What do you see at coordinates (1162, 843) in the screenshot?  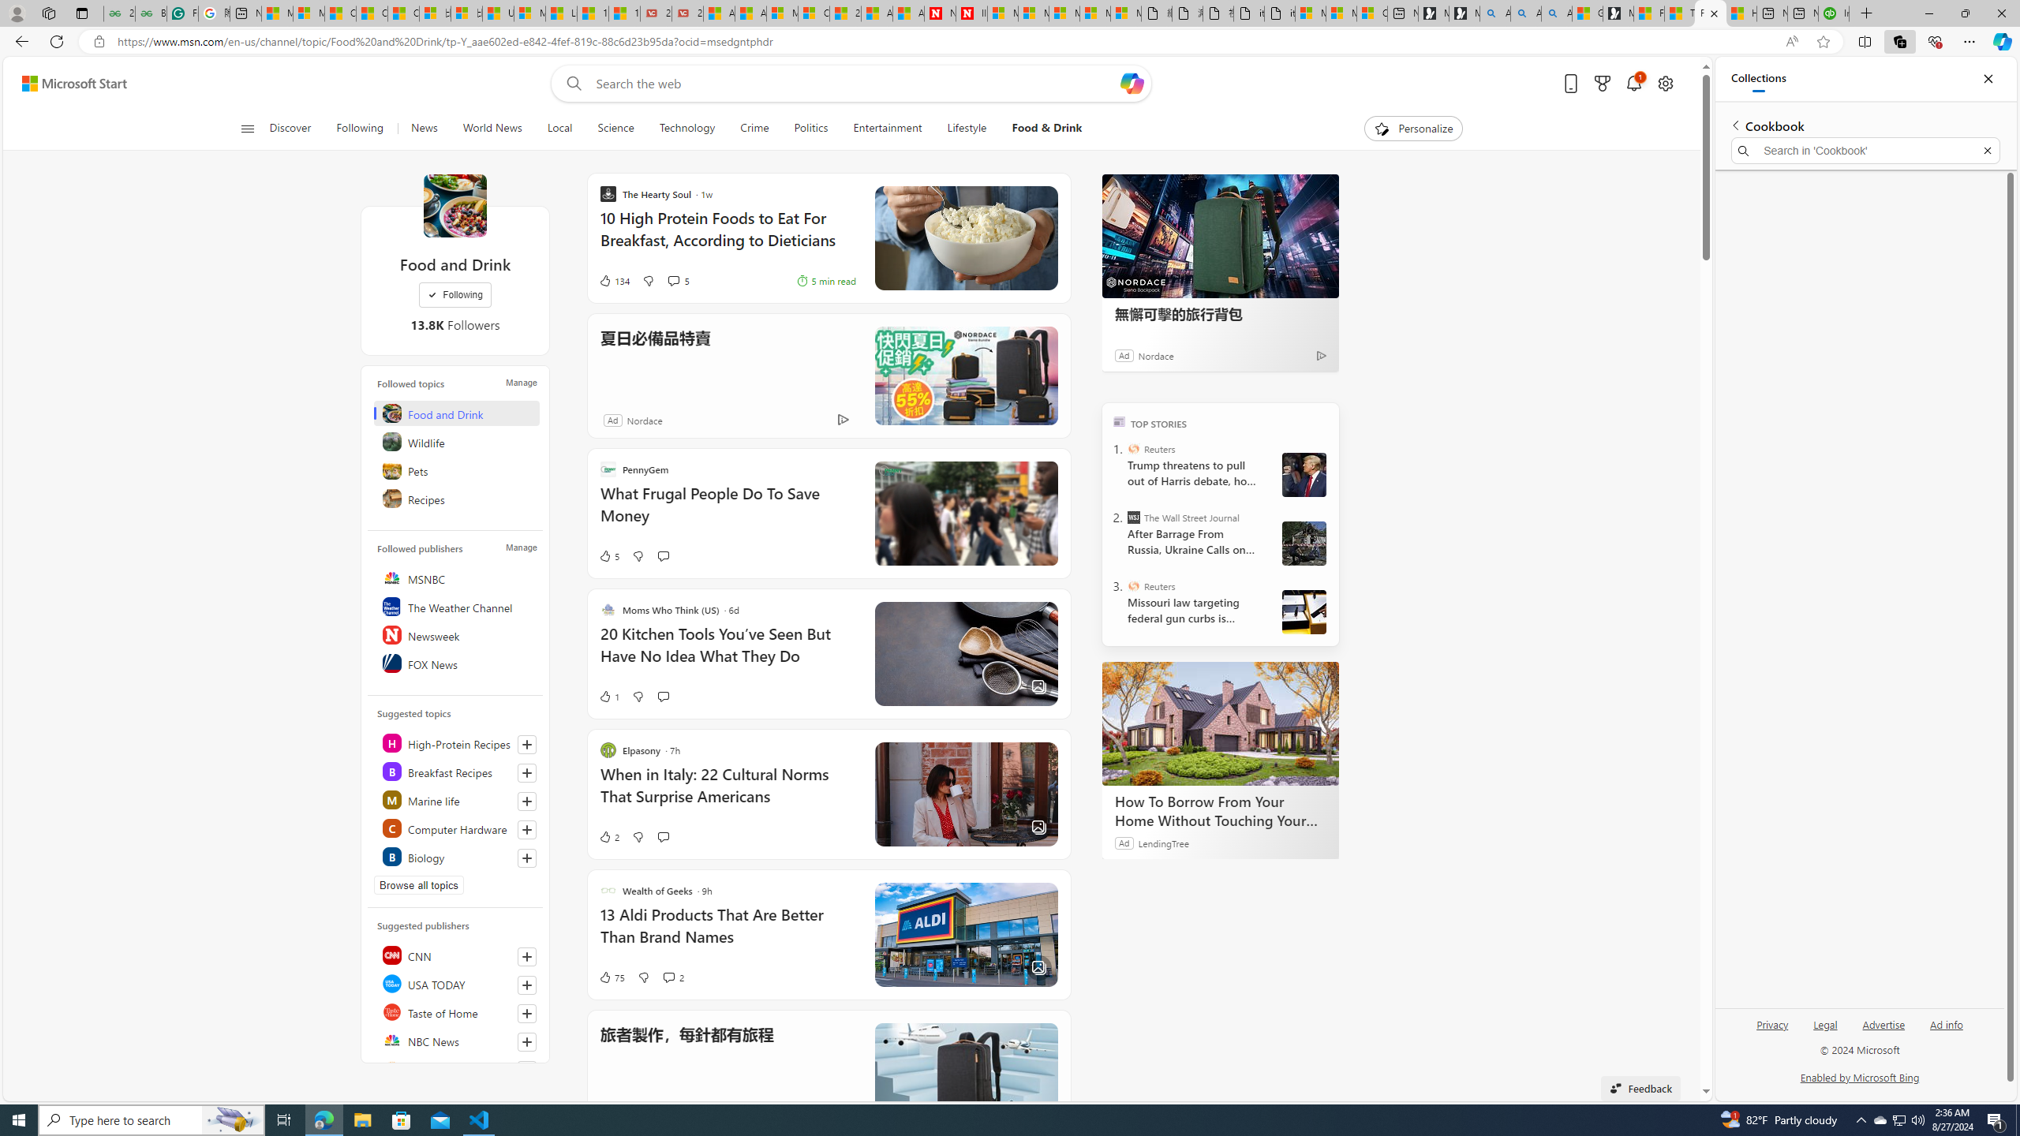 I see `'LendingTree'` at bounding box center [1162, 843].